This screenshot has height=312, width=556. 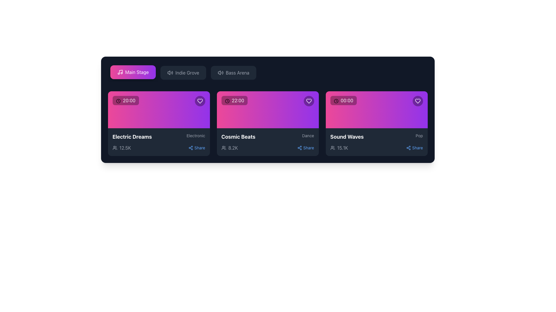 I want to click on the 'Bass Arena' button, a rectangular button with a dark background and light text, so click(x=233, y=72).